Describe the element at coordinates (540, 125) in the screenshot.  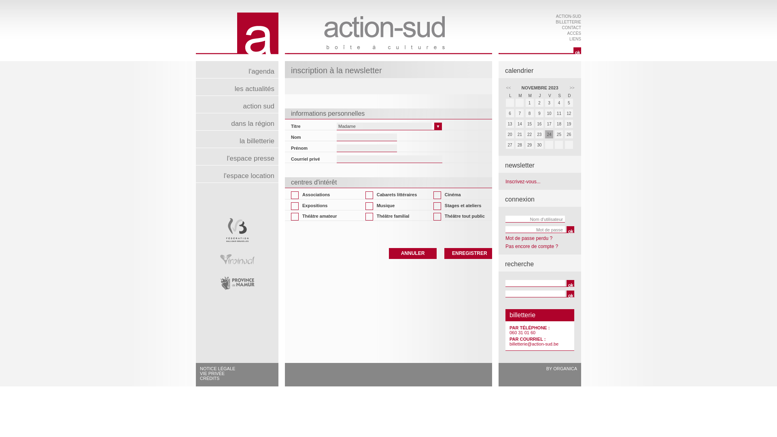
I see `'16'` at that location.